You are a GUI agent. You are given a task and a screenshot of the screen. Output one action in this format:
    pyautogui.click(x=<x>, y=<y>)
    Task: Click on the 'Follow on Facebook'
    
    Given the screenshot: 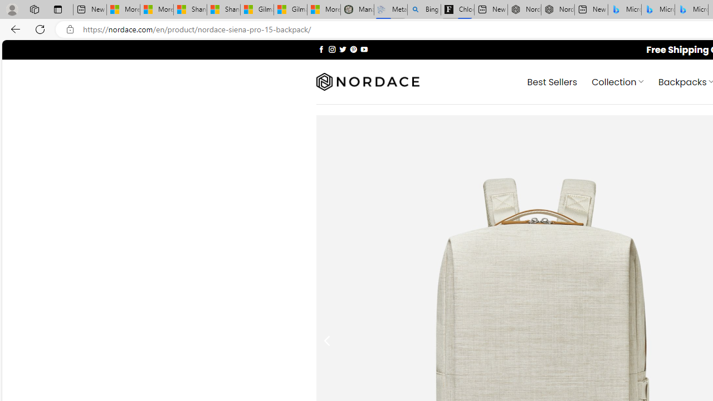 What is the action you would take?
    pyautogui.click(x=321, y=48)
    